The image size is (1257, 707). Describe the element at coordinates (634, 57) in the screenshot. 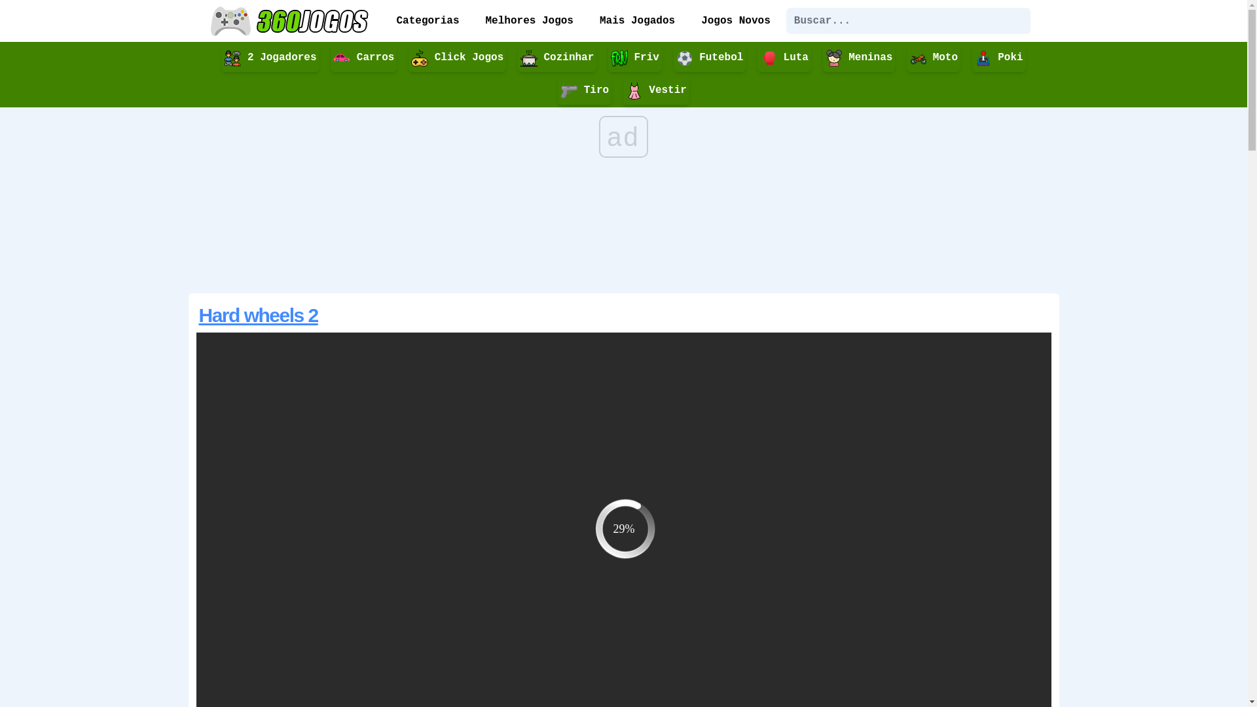

I see `'Friv'` at that location.